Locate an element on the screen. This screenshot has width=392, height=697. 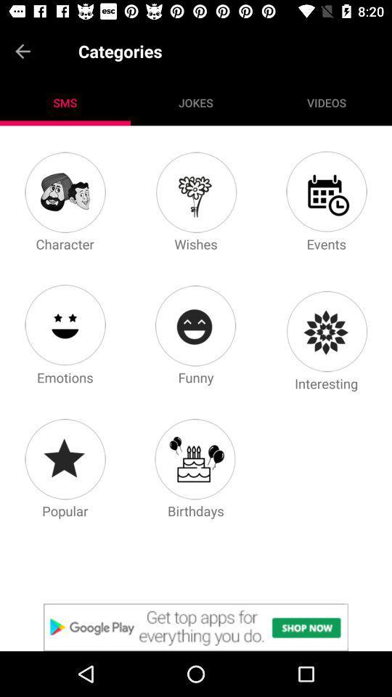
choose the selection is located at coordinates (196, 627).